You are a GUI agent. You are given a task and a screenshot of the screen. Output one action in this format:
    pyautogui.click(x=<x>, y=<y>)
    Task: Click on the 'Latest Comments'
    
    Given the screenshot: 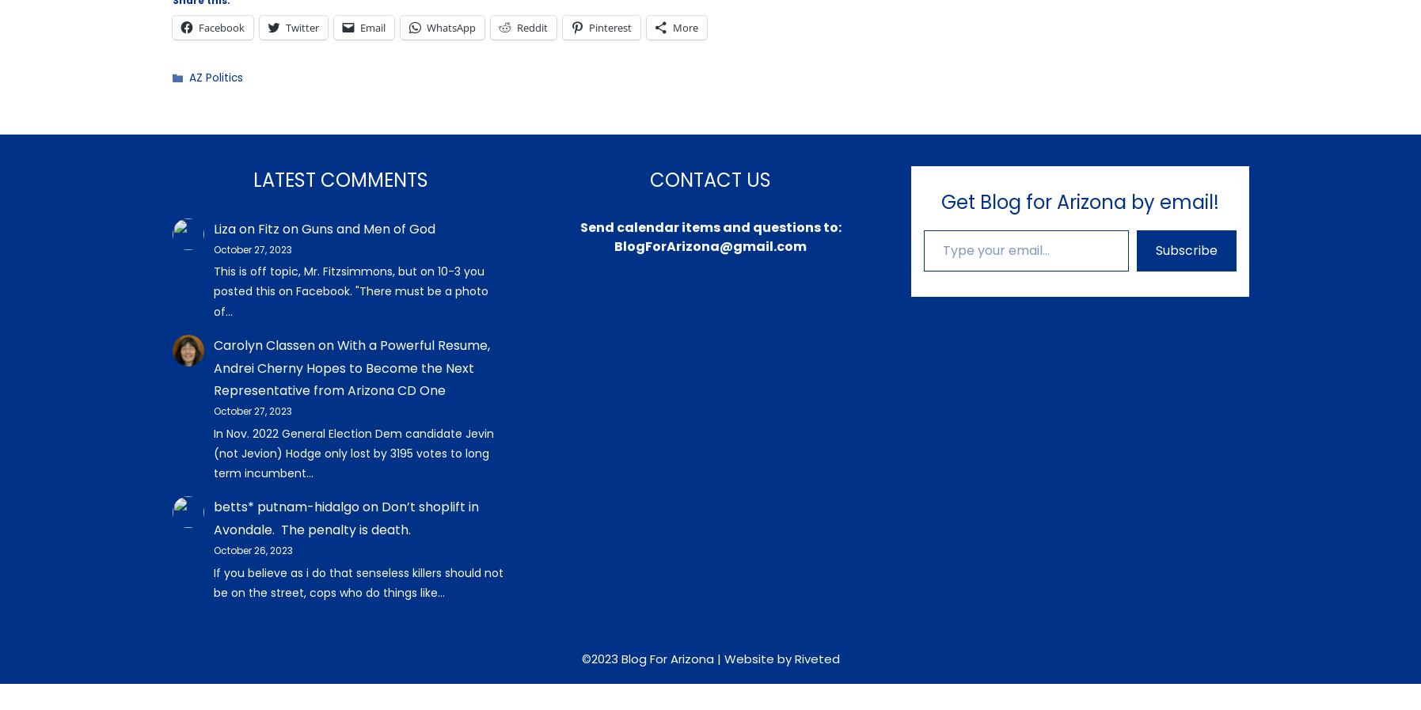 What is the action you would take?
    pyautogui.click(x=340, y=178)
    